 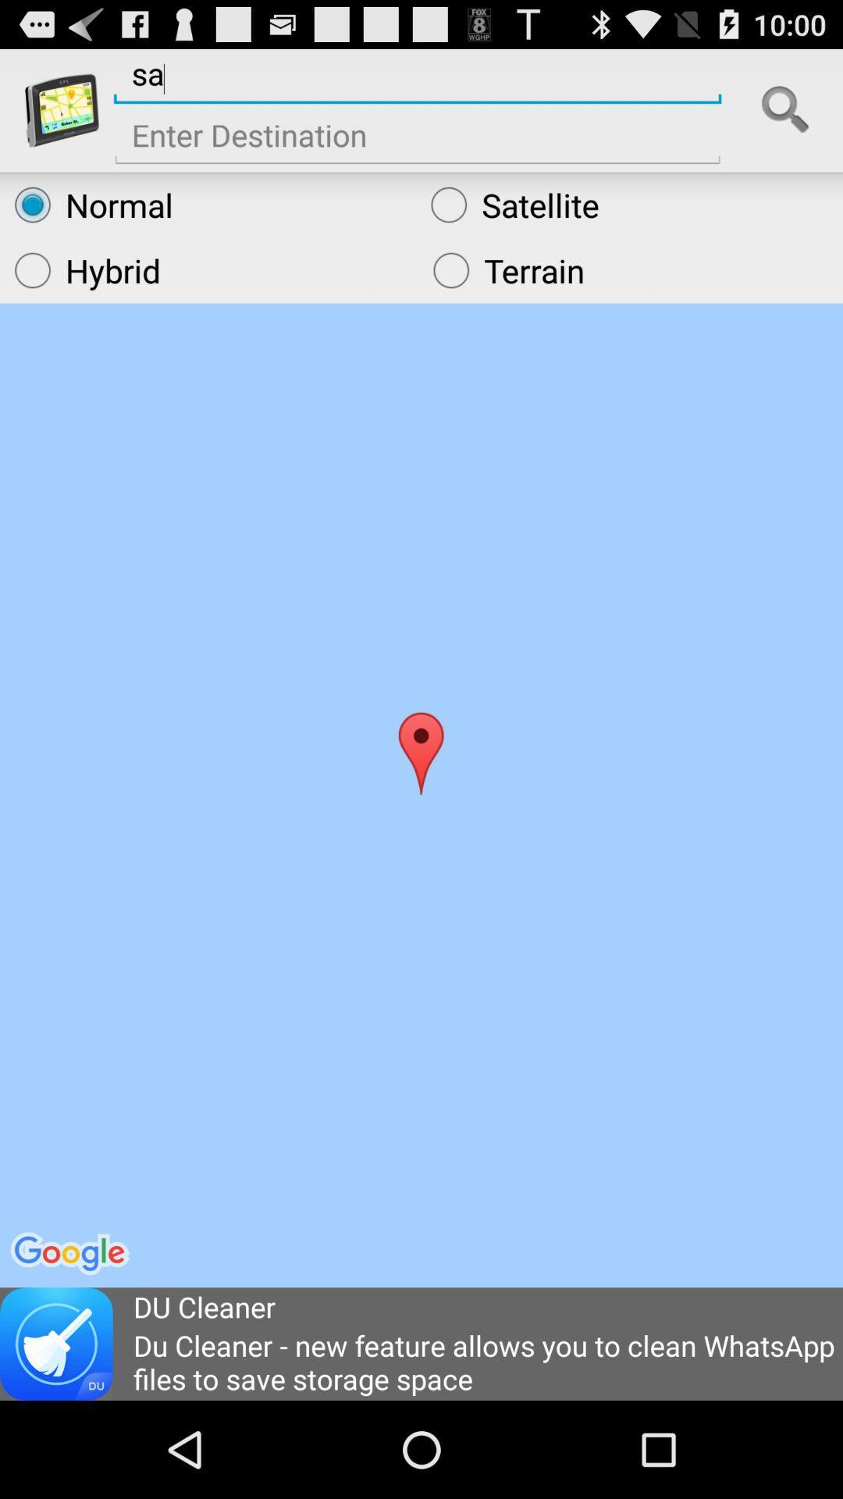 What do you see at coordinates (785, 109) in the screenshot?
I see `search the location` at bounding box center [785, 109].